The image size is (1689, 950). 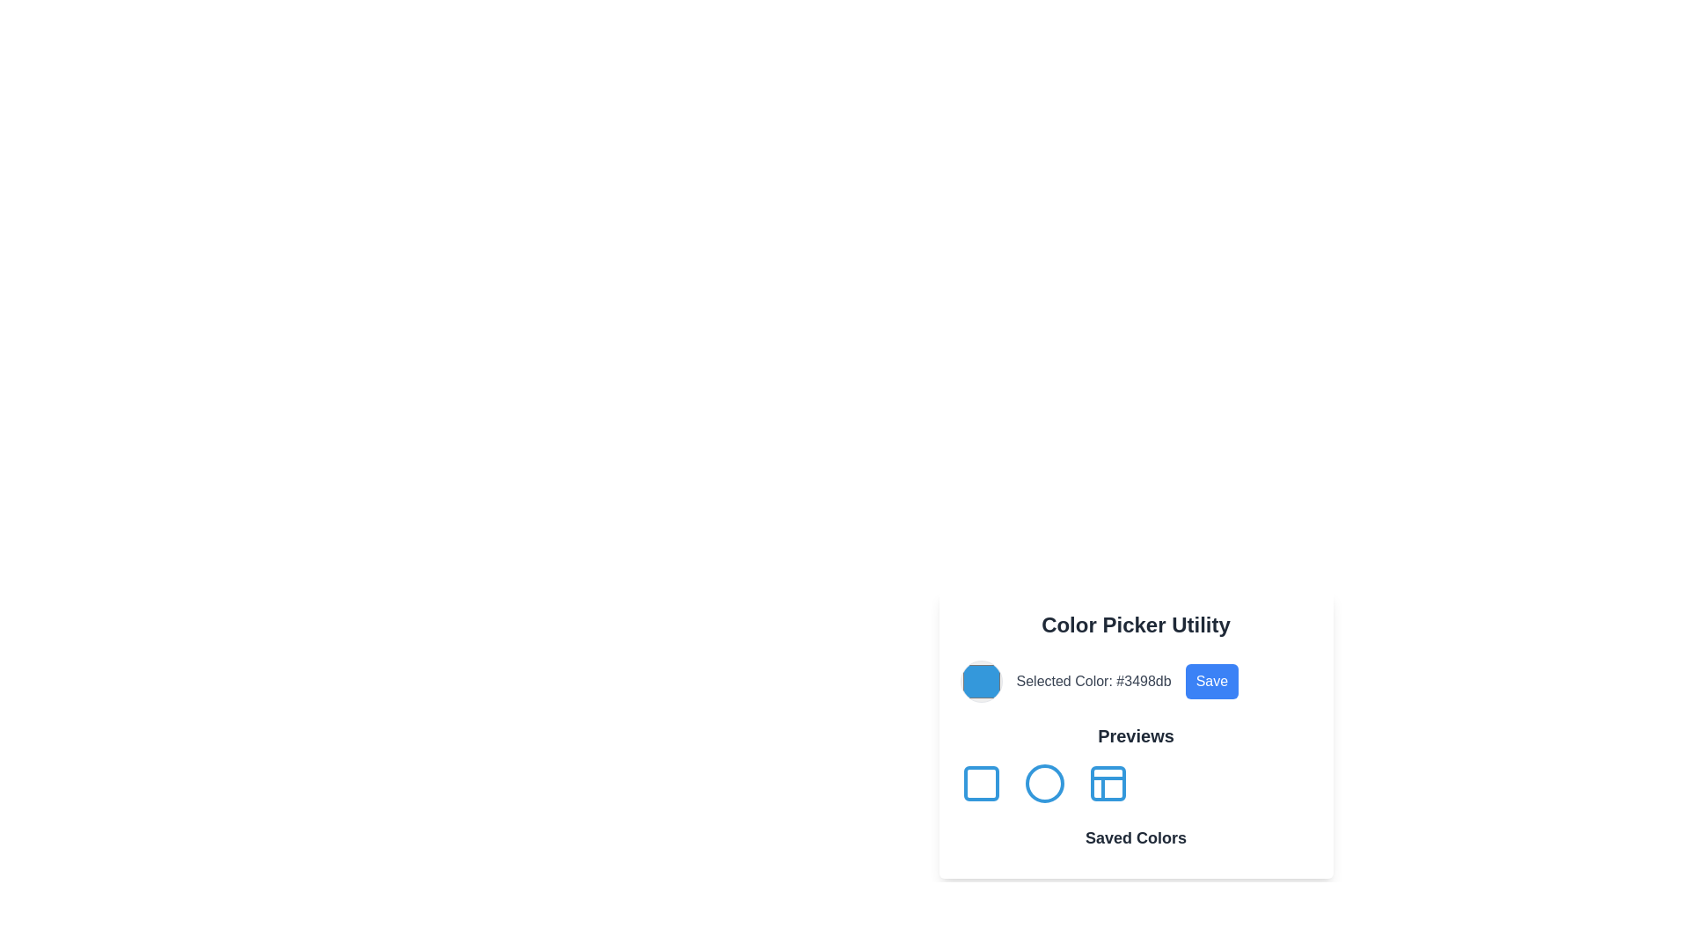 What do you see at coordinates (1136, 681) in the screenshot?
I see `displayed HEX code from the color preview element located beneath the 'Color Picker Utility' heading and above the 'Previews' section, which is the second element in its group layout` at bounding box center [1136, 681].